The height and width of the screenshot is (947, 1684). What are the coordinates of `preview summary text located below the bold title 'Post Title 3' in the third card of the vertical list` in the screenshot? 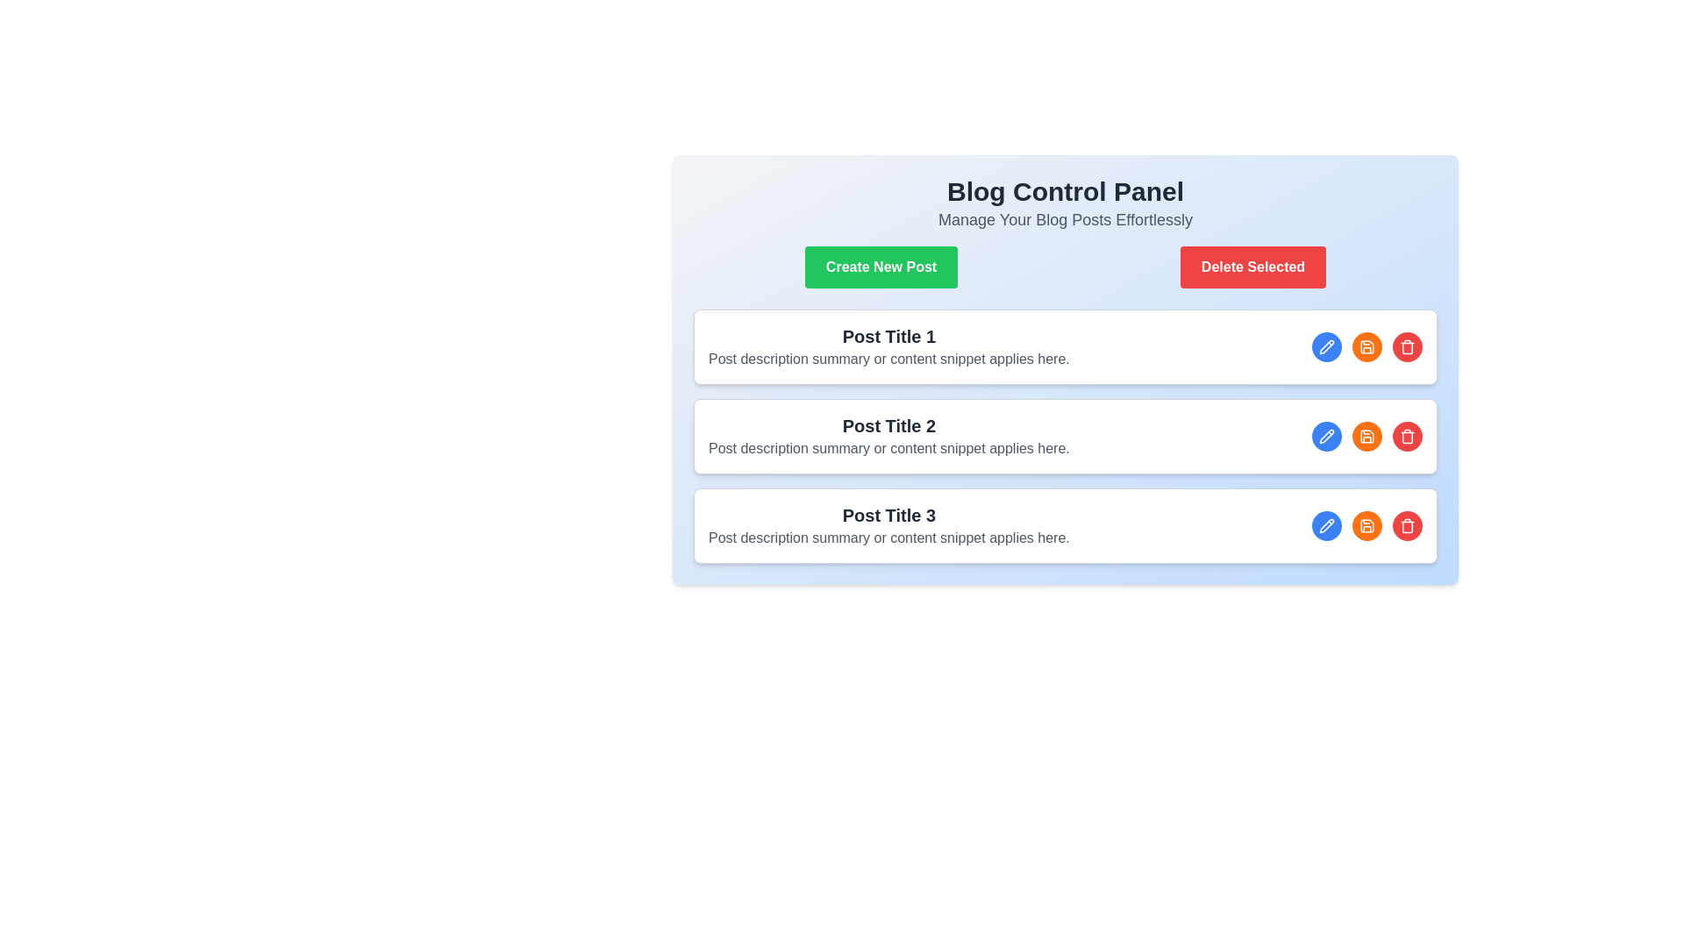 It's located at (888, 537).